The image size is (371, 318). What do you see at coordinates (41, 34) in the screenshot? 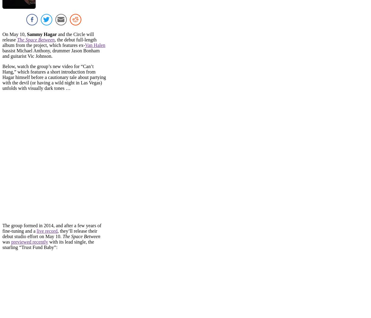
I see `'Sammy Hagar'` at bounding box center [41, 34].